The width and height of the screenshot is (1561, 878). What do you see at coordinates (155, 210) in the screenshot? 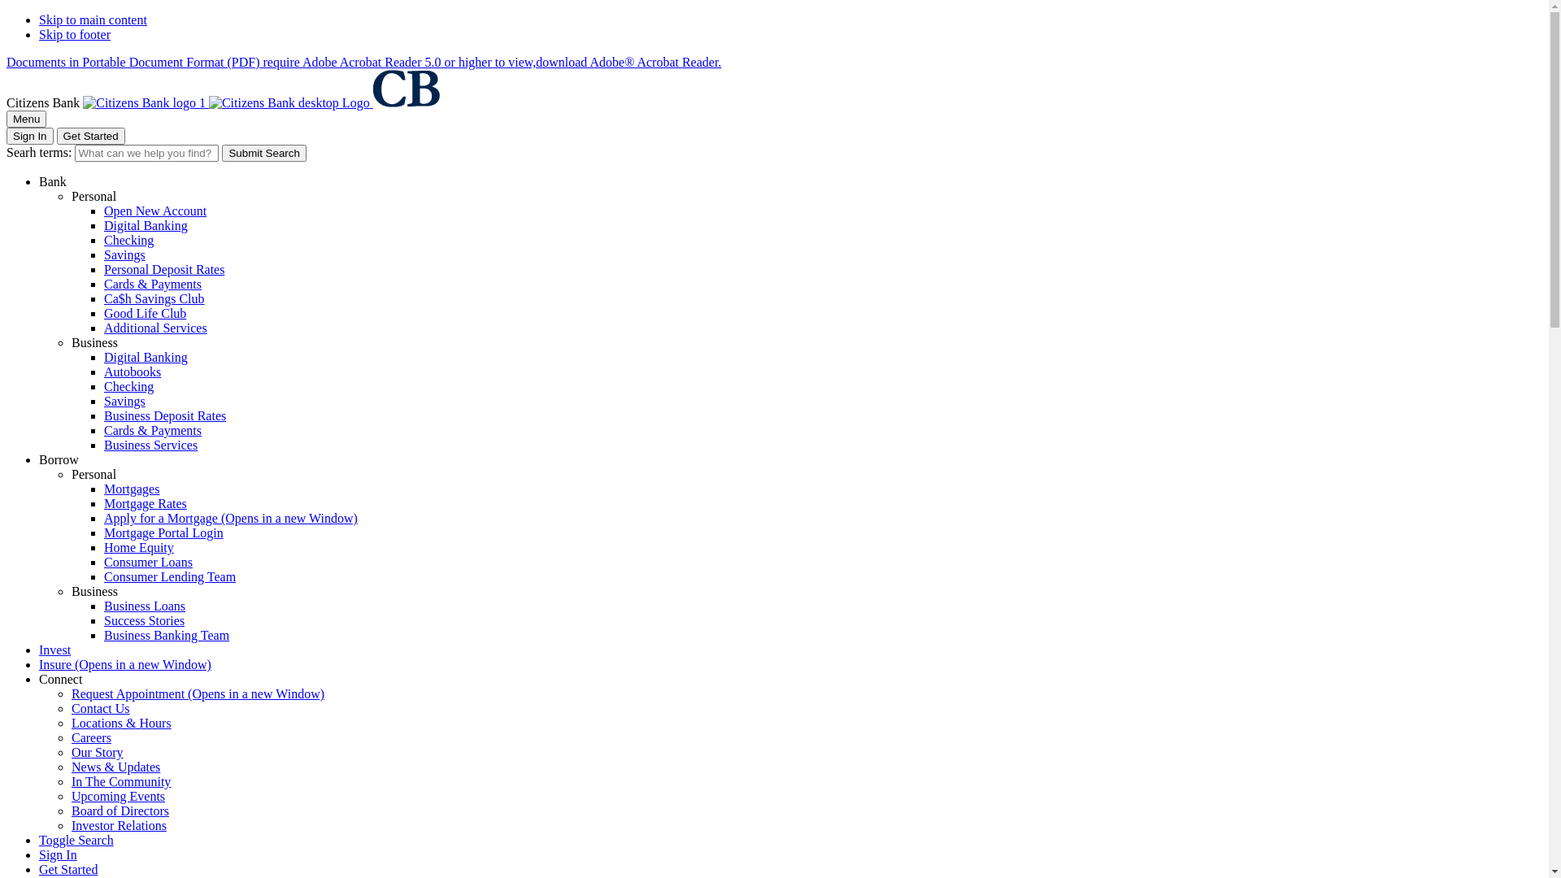
I see `'Open New Account'` at bounding box center [155, 210].